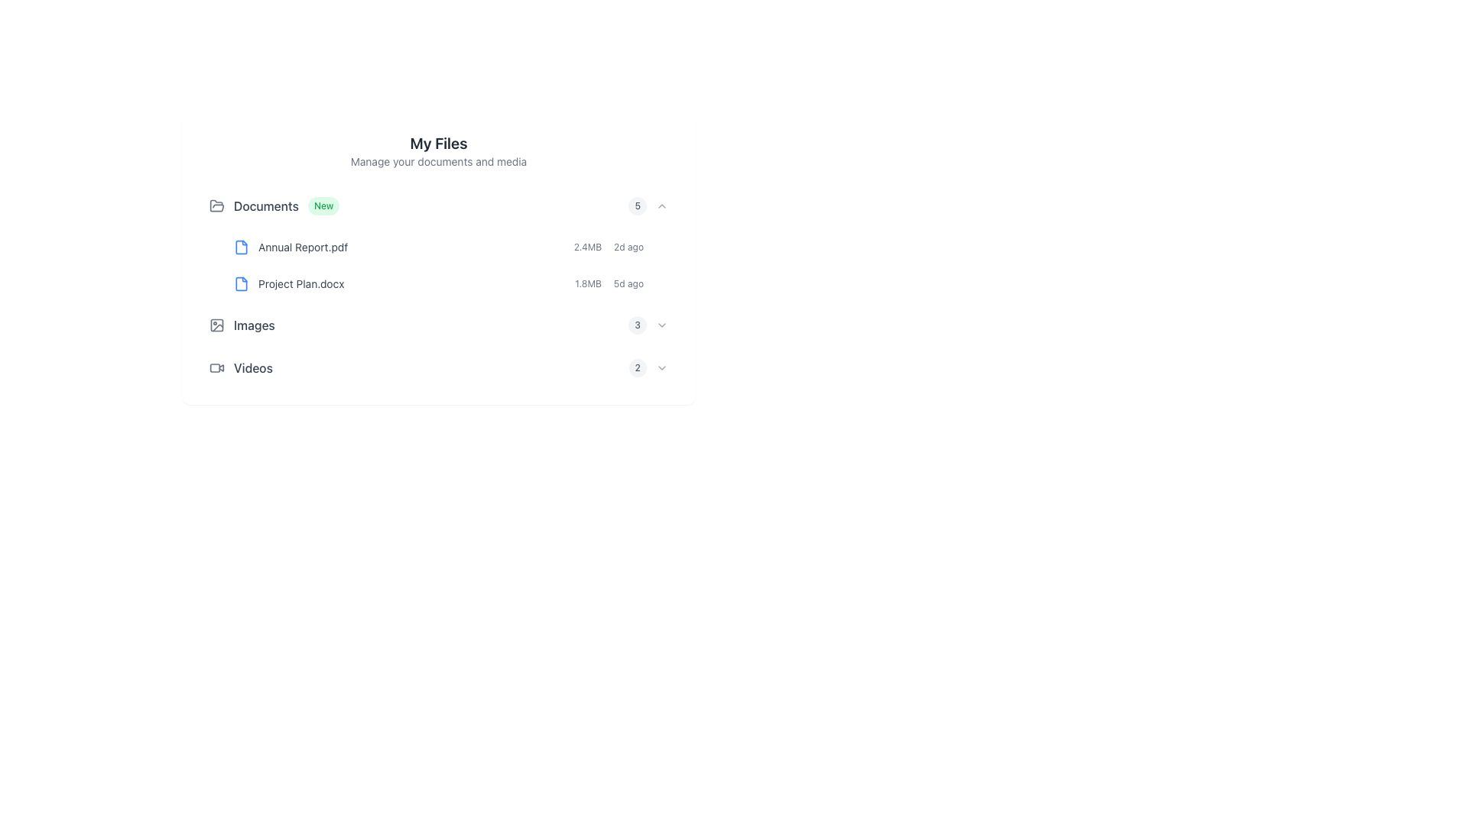 The width and height of the screenshot is (1468, 825). I want to click on the video section icon located in the bottom-left region of the 'Videos' area, positioned to the left of the 'Videos' text, so click(216, 368).